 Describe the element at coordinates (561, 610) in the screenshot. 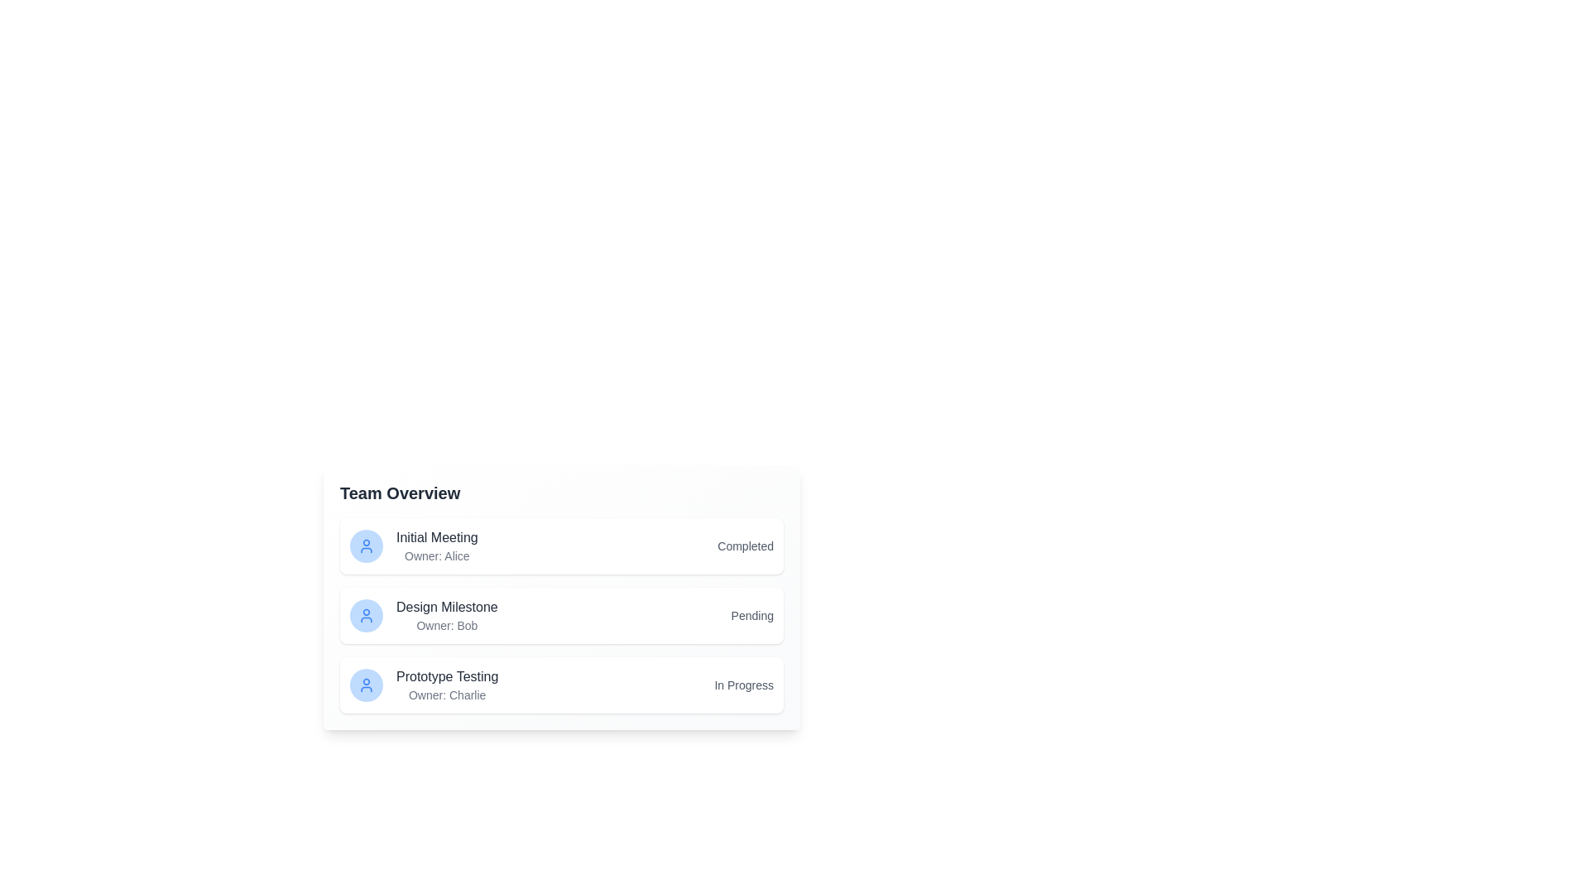

I see `the list item representing the 'Design Milestone' task, assigned to 'Owner: Bob', with a status of 'Pending'` at that location.